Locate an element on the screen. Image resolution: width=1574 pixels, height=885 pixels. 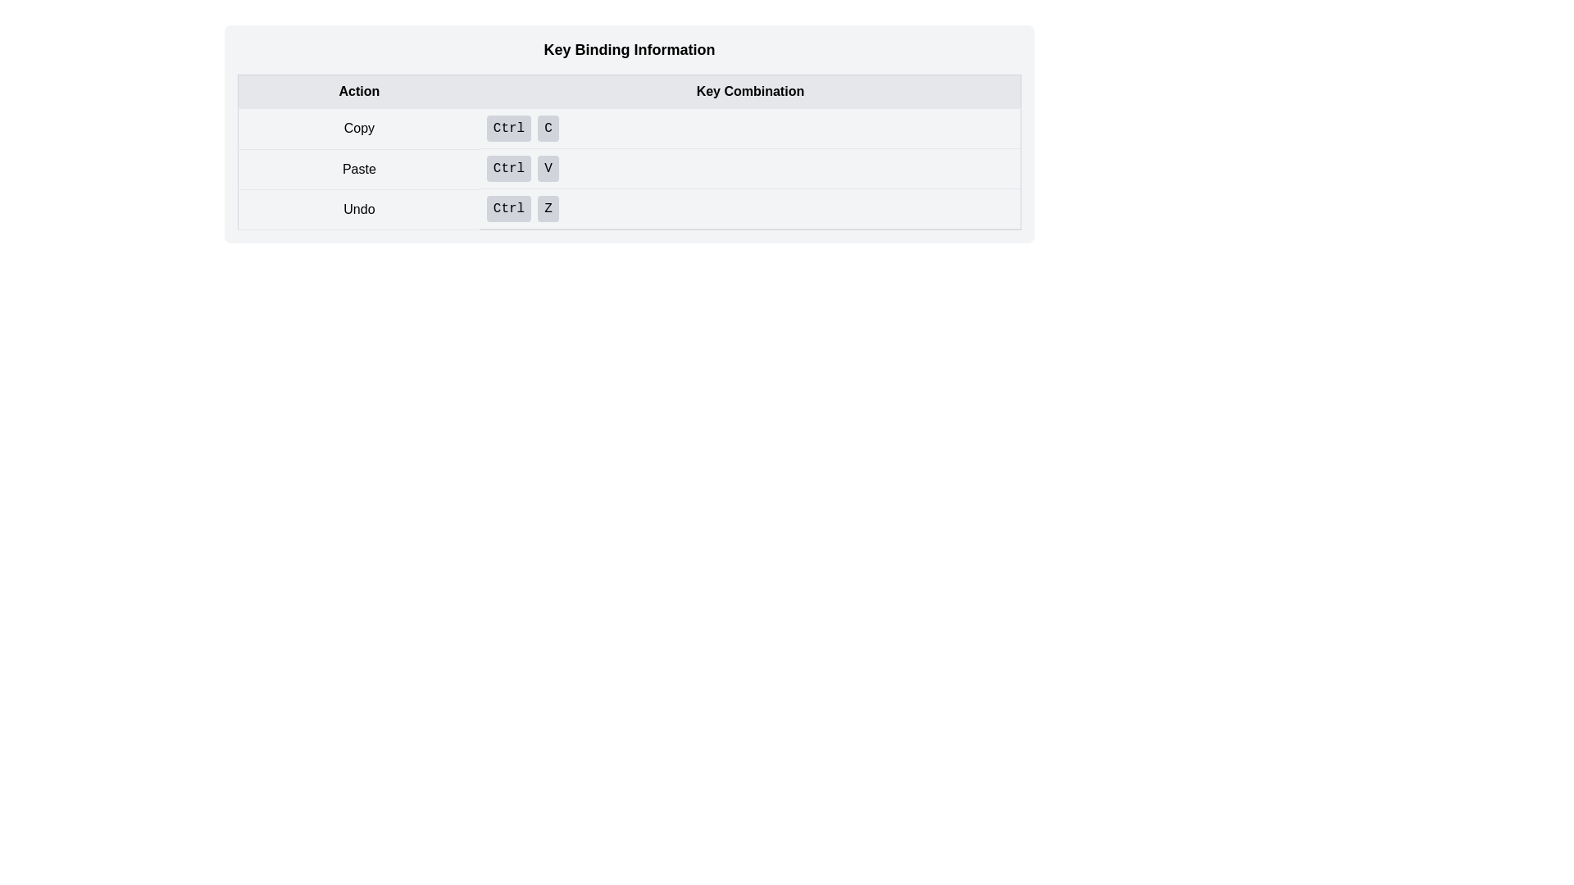
the second row is located at coordinates (629, 169).